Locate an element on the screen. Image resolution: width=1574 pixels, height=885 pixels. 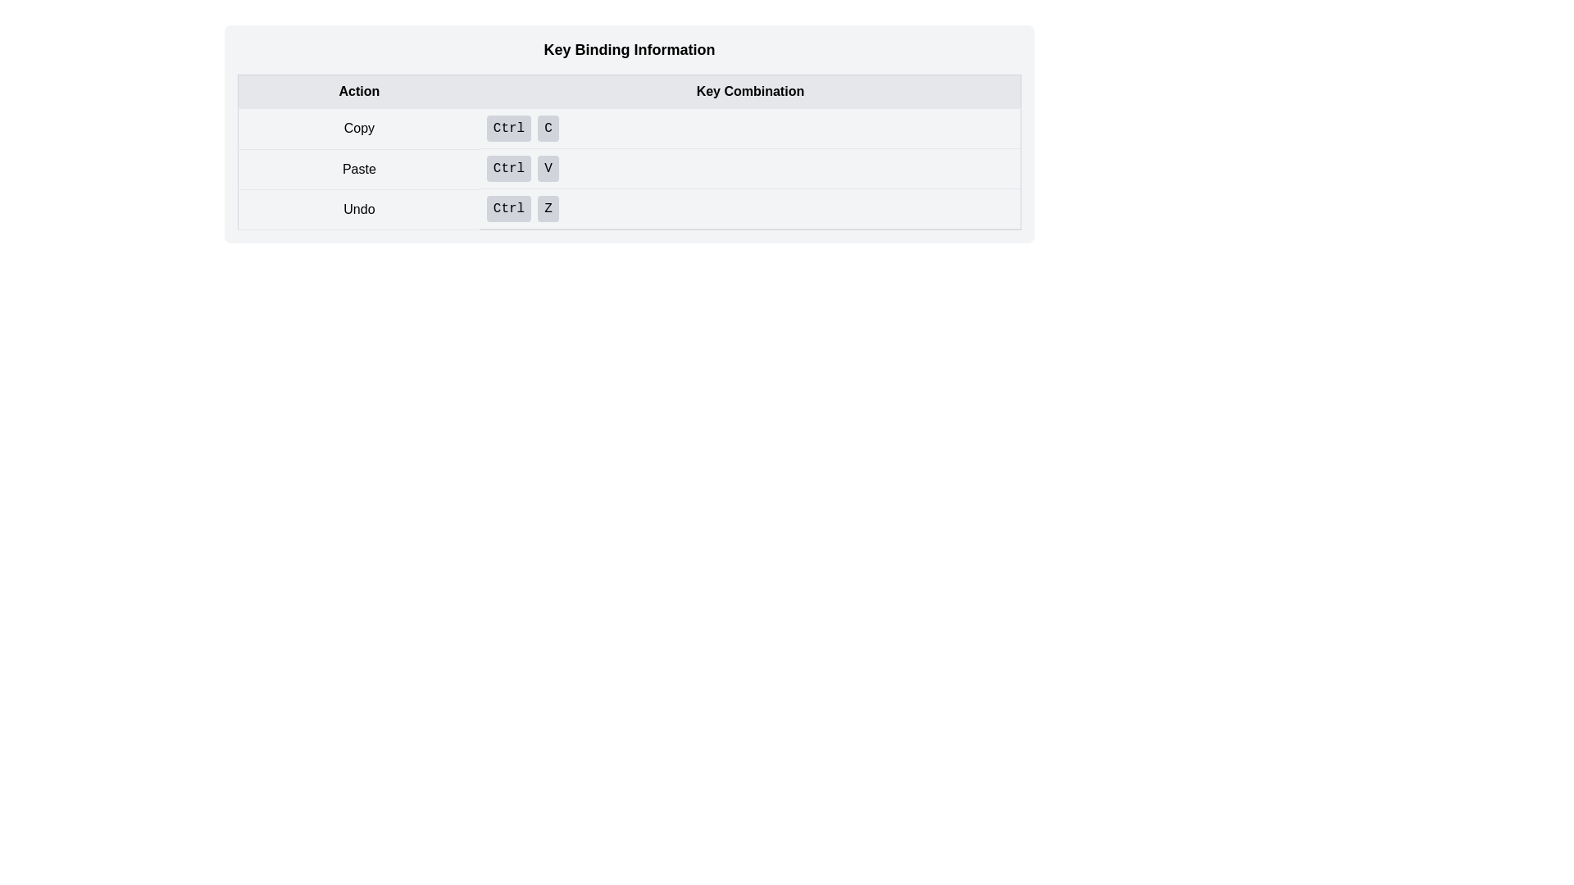
the second row is located at coordinates (629, 169).